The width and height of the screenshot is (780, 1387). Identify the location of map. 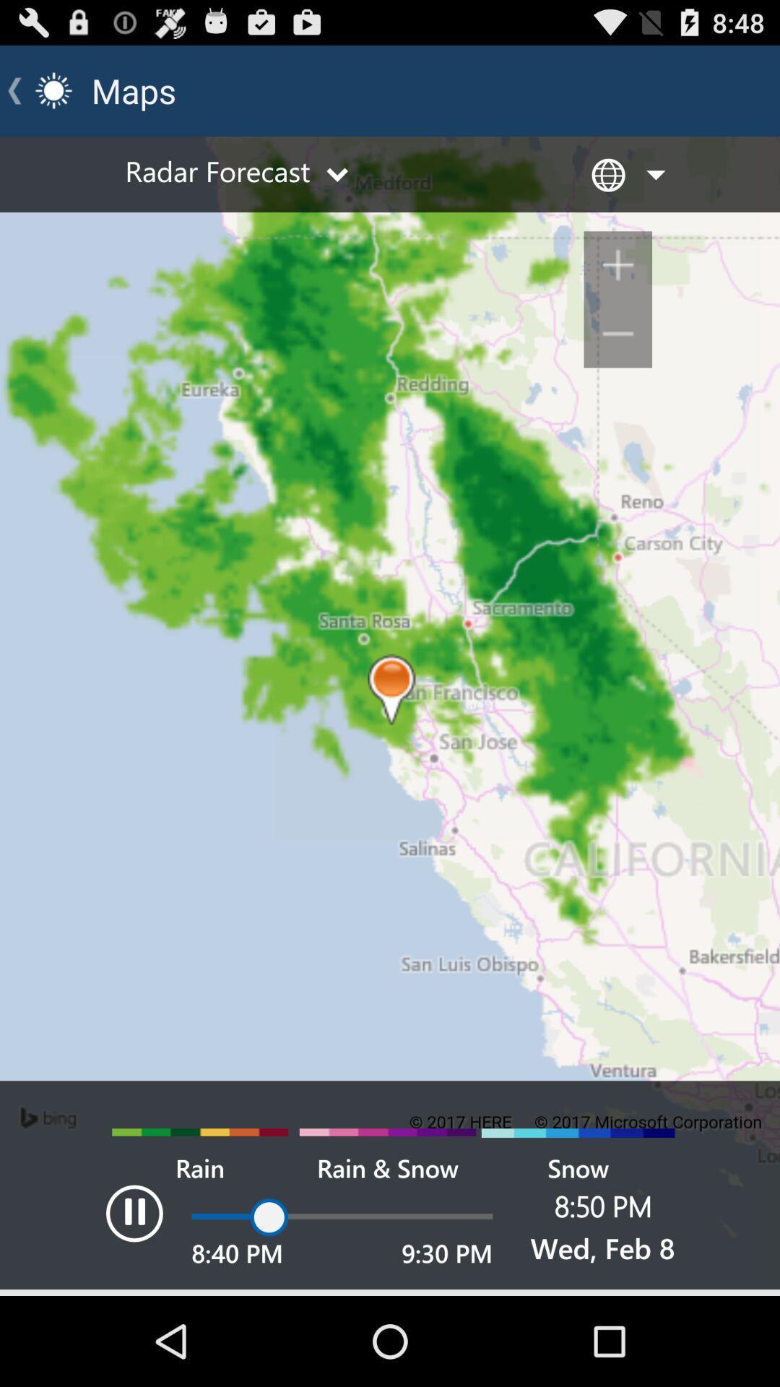
(390, 716).